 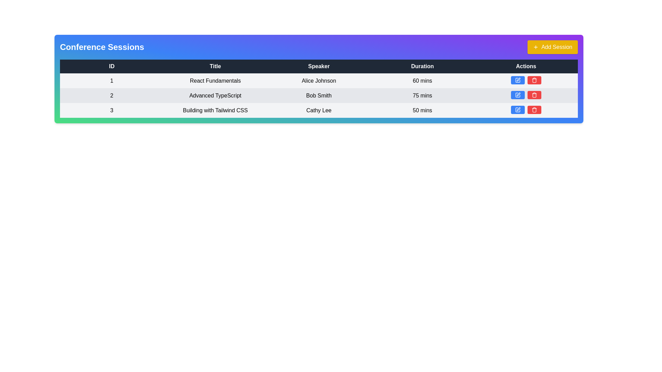 What do you see at coordinates (534, 110) in the screenshot?
I see `the red button with a trash bin icon located in the last column of the actions section of the third row under 'Conference Sessions'` at bounding box center [534, 110].